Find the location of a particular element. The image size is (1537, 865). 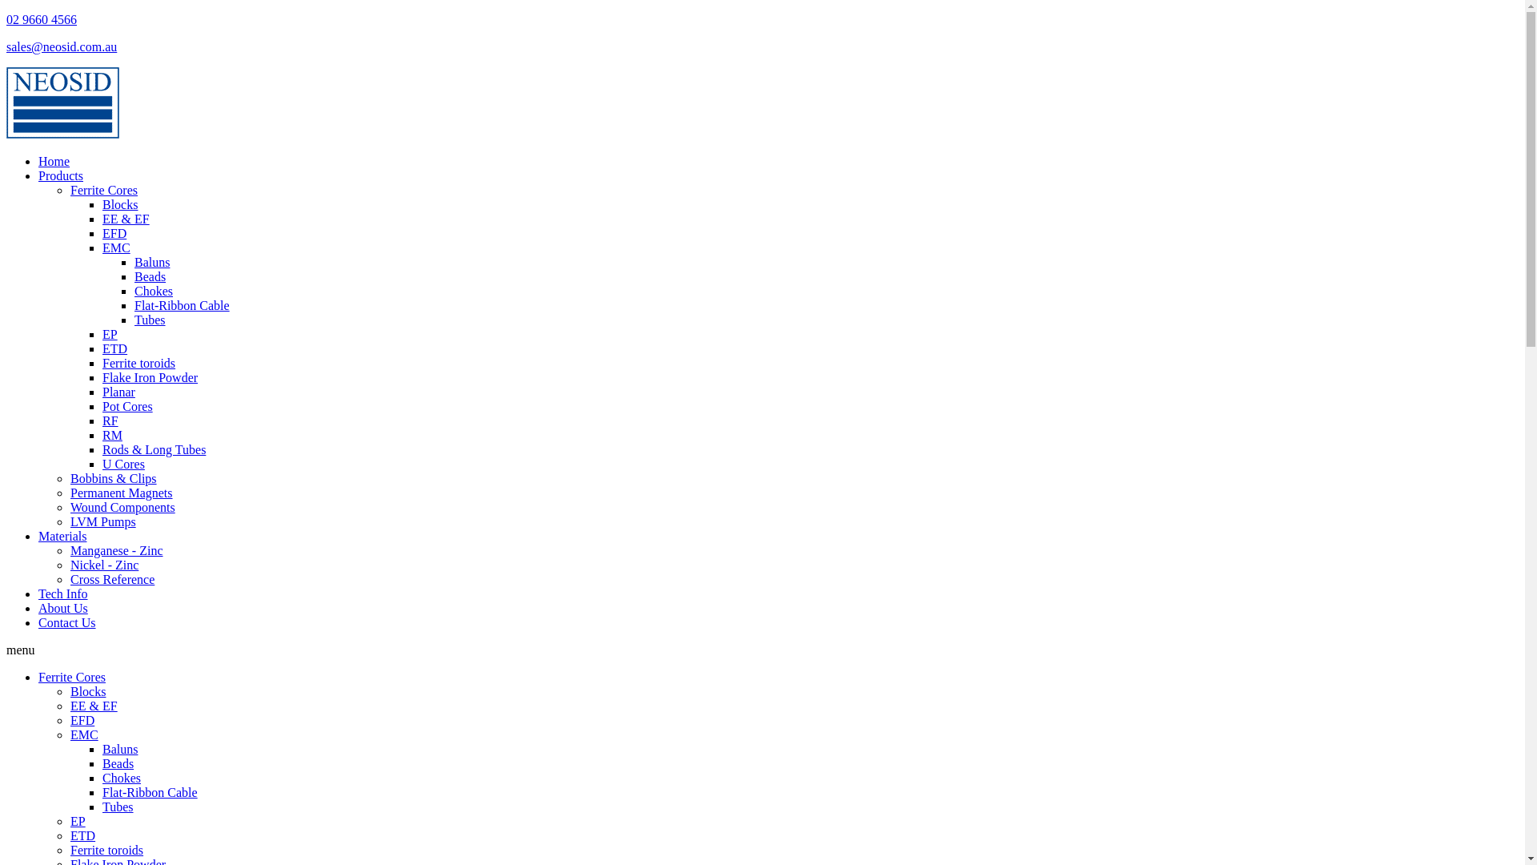

'Cross Reference' is located at coordinates (111, 579).